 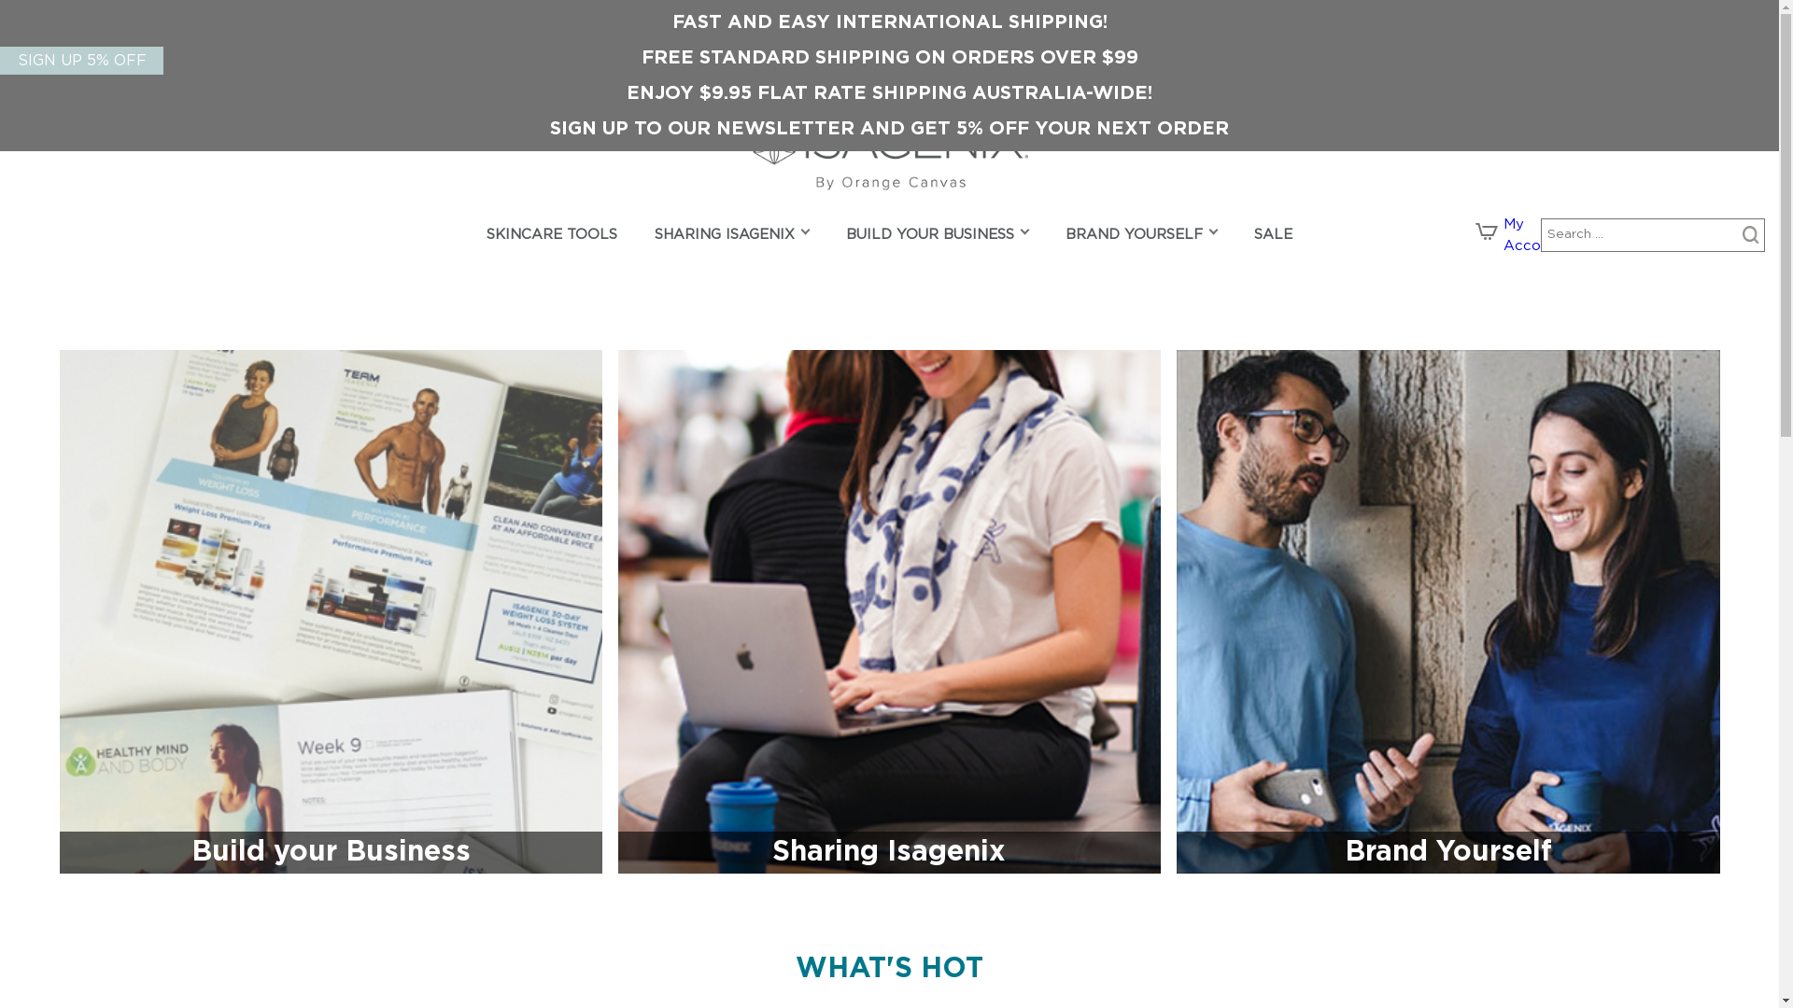 I want to click on 'My Account', so click(x=1533, y=233).